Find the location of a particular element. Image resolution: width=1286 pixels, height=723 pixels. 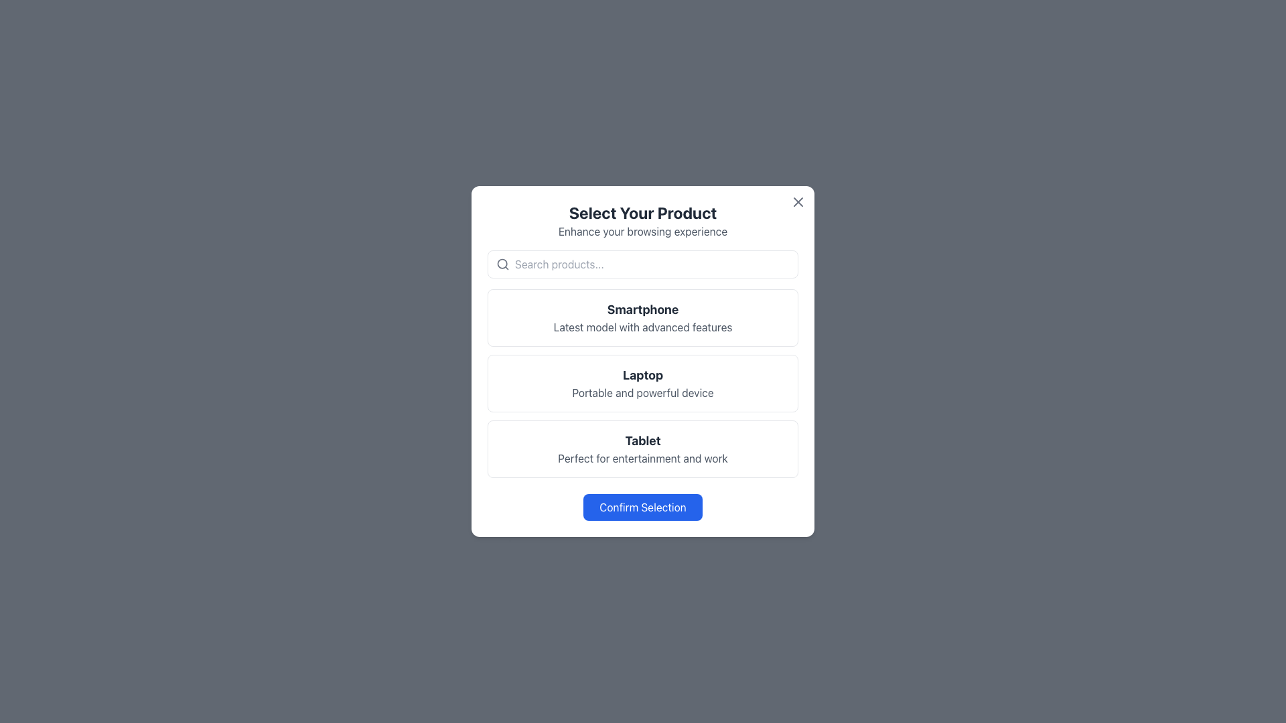

the 'Laptop' selectable card item, which is the second card in a vertical list of three cards is located at coordinates (643, 384).